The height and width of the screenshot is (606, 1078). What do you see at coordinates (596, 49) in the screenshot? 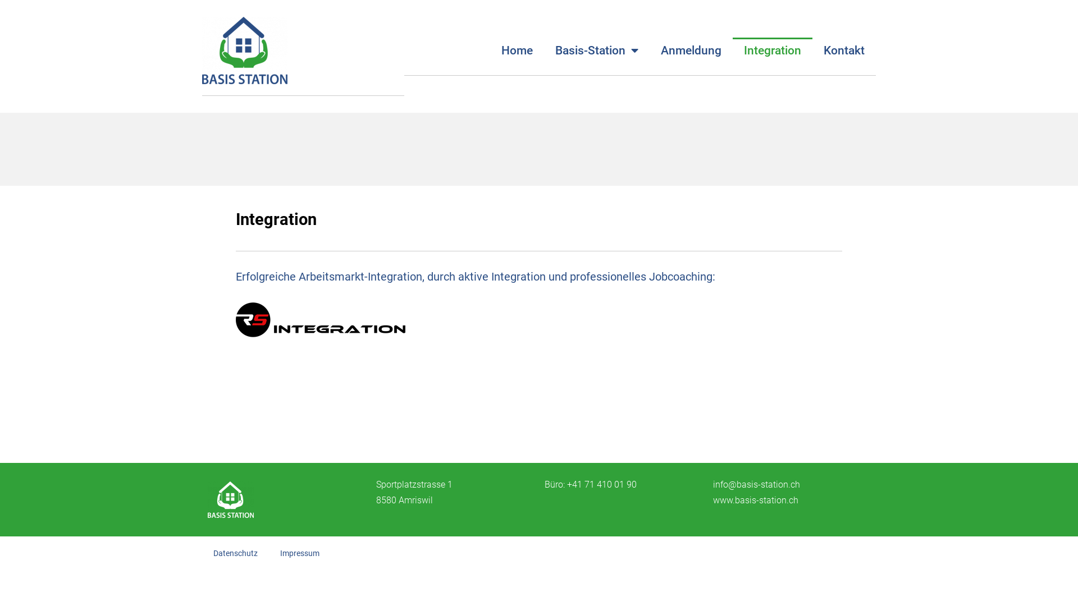
I see `'Basis-Station'` at bounding box center [596, 49].